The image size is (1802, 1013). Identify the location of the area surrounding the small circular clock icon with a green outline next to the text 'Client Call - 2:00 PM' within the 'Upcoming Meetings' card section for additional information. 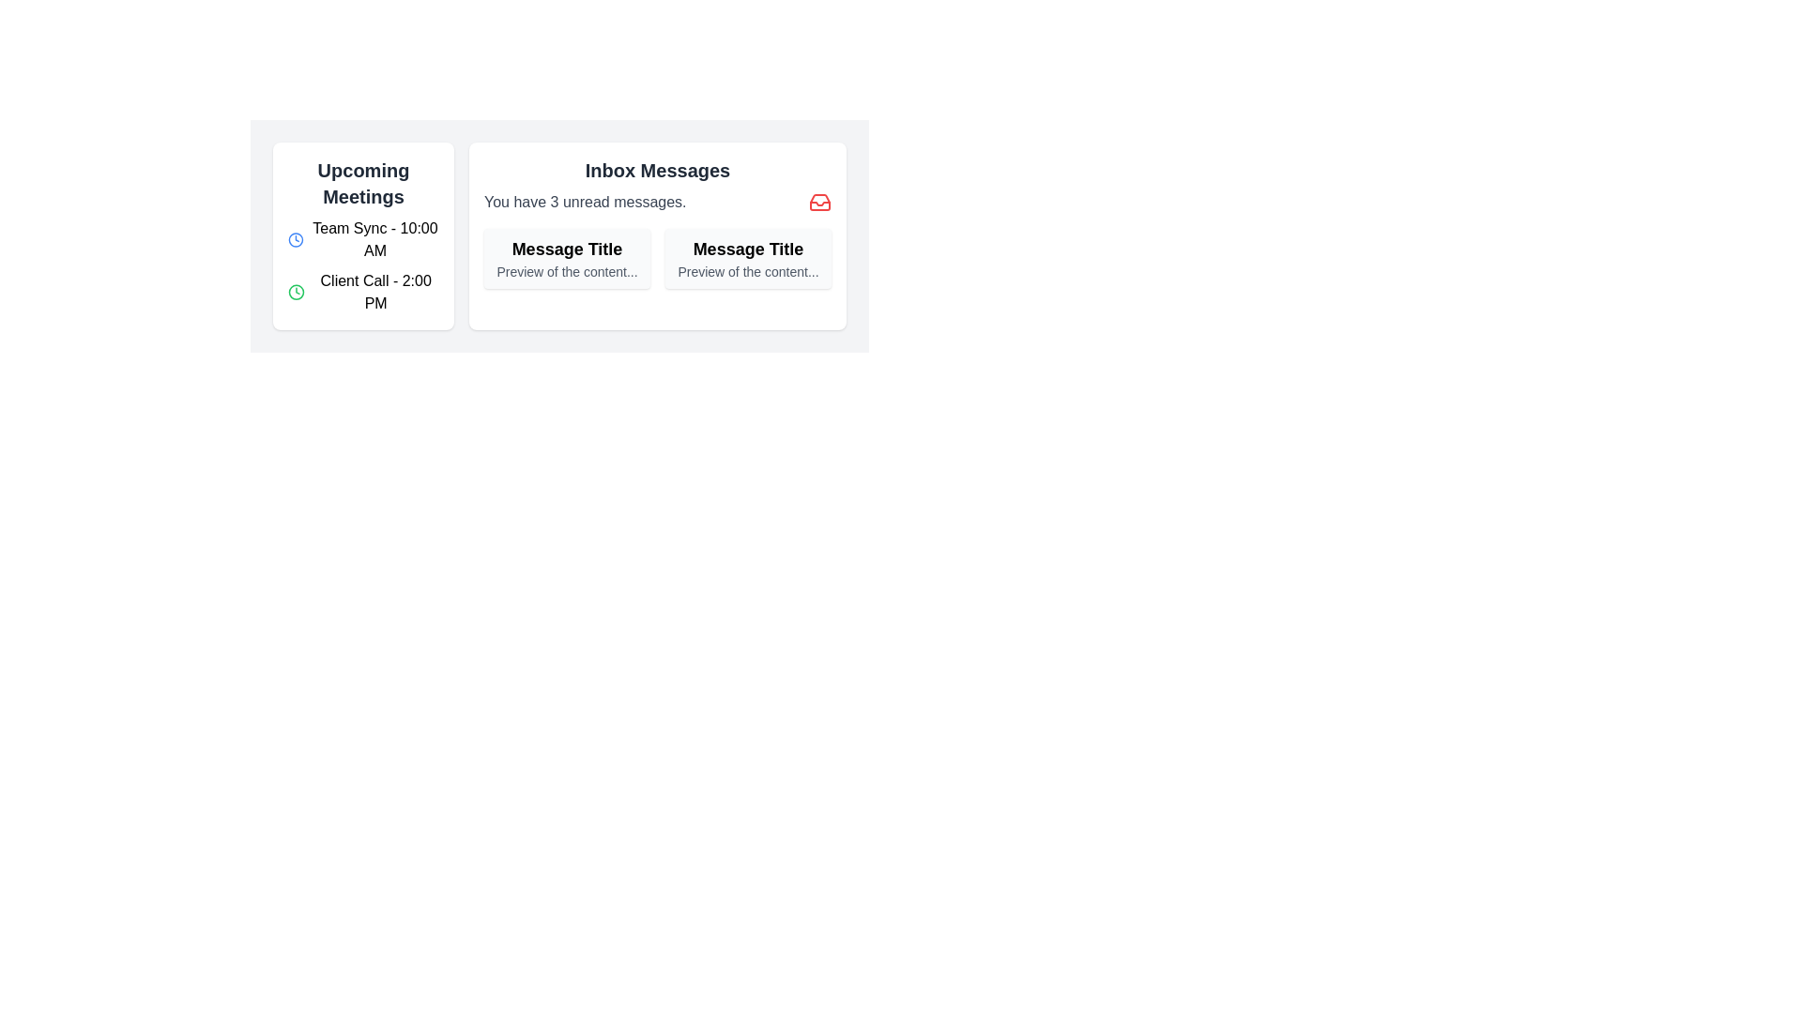
(296, 293).